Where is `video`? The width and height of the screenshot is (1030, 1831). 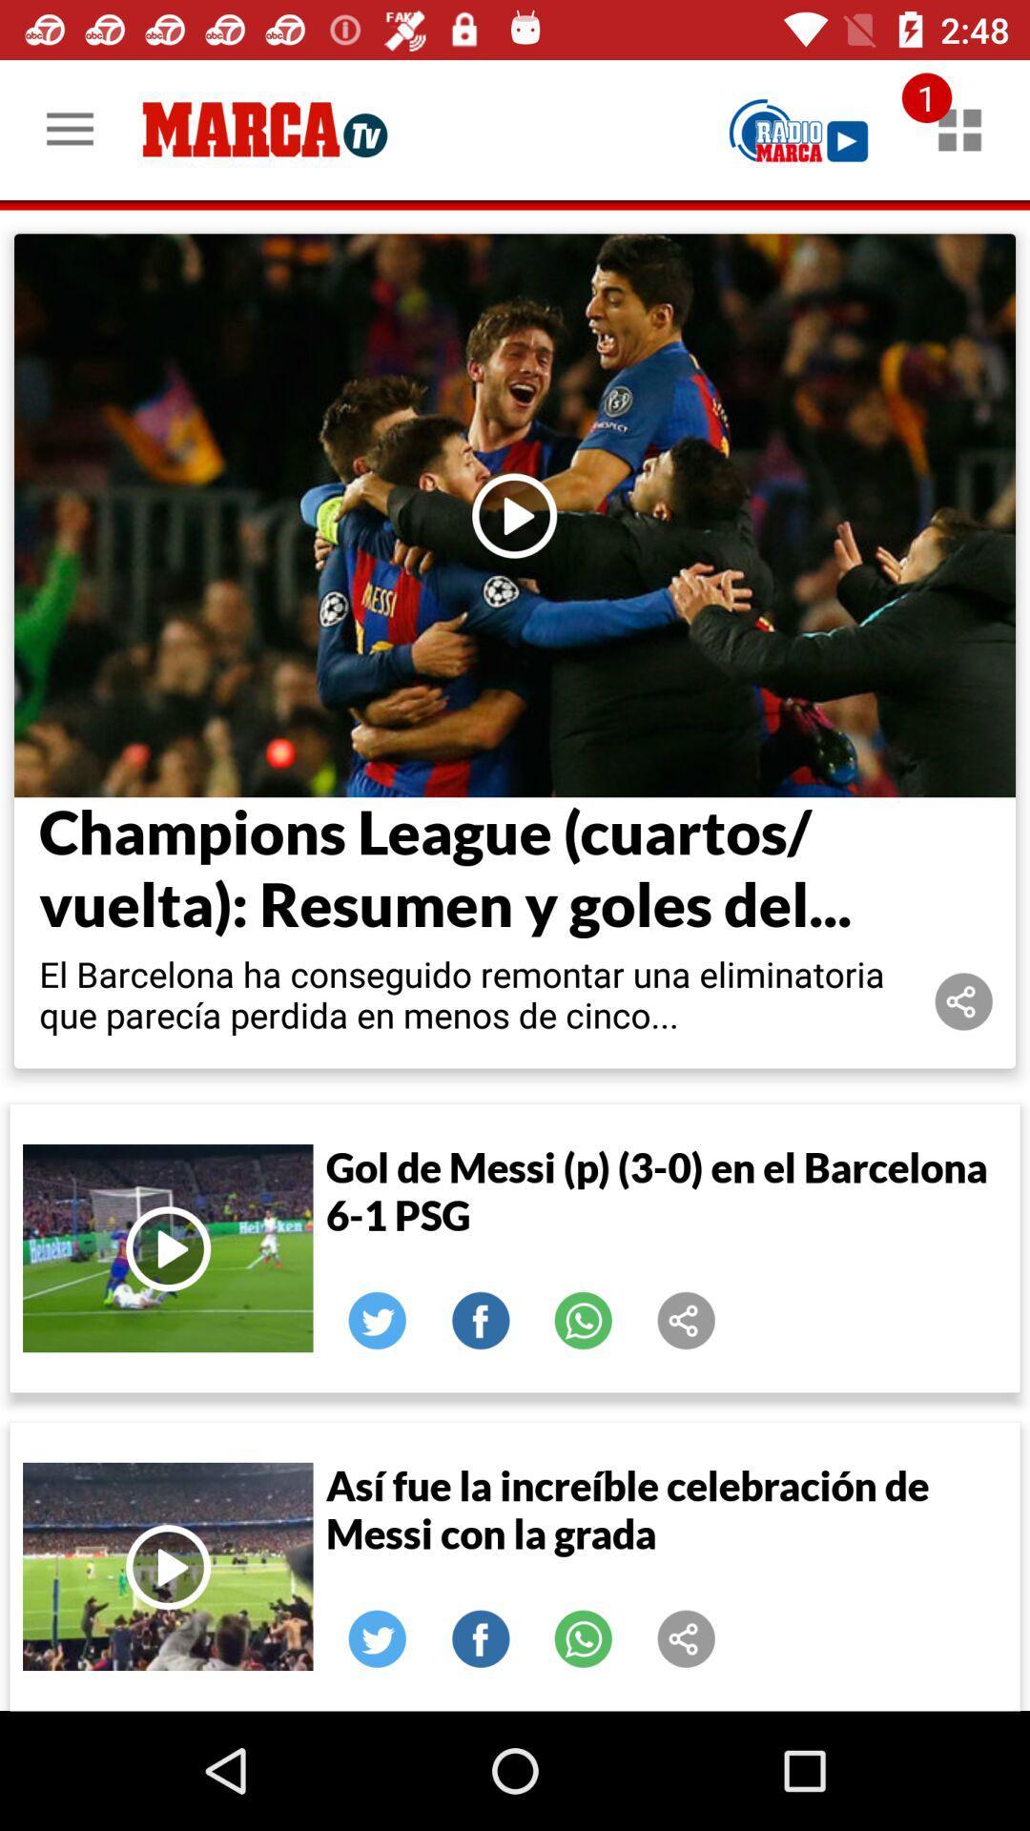 video is located at coordinates (515, 515).